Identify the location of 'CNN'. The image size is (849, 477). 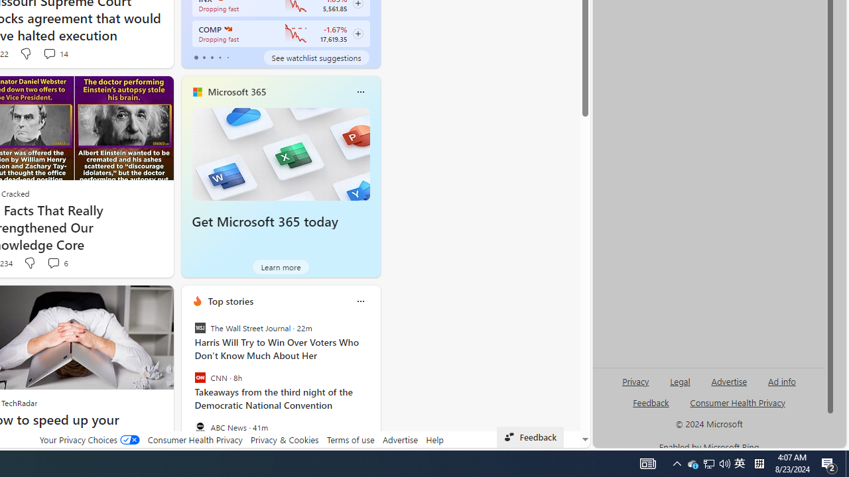
(199, 378).